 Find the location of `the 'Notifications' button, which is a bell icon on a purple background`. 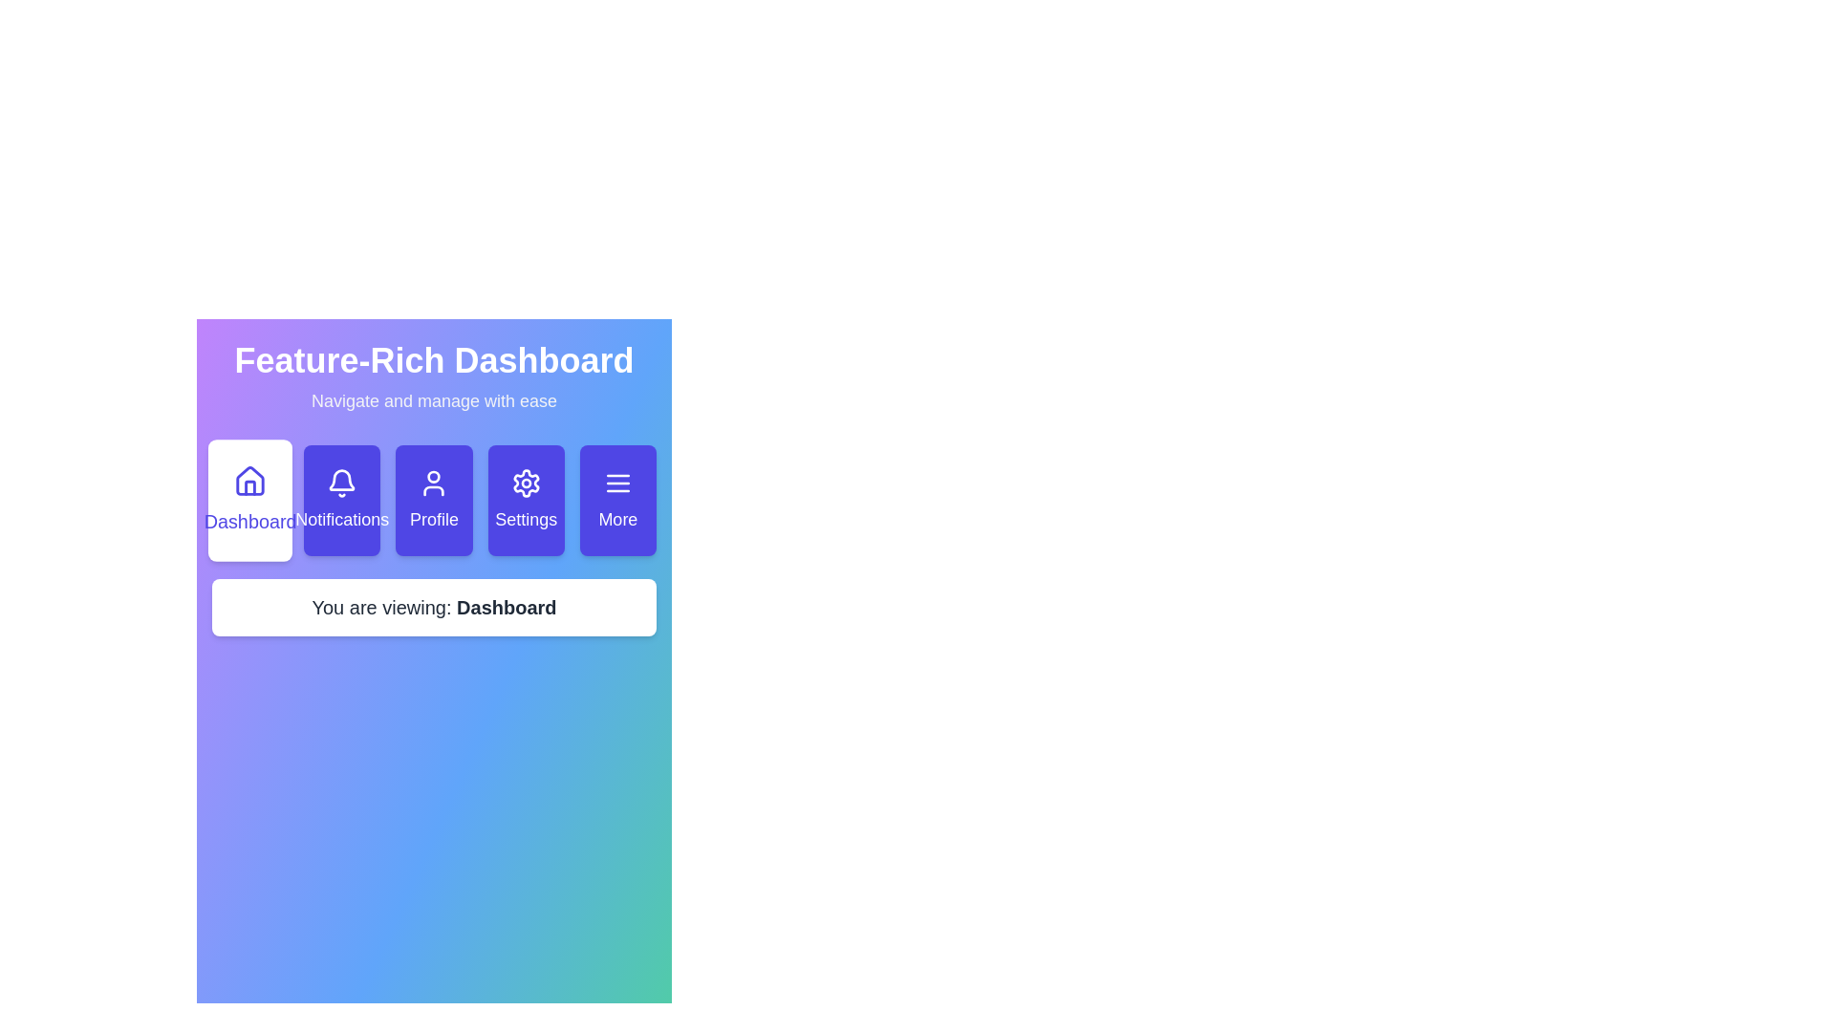

the 'Notifications' button, which is a bell icon on a purple background is located at coordinates (342, 482).